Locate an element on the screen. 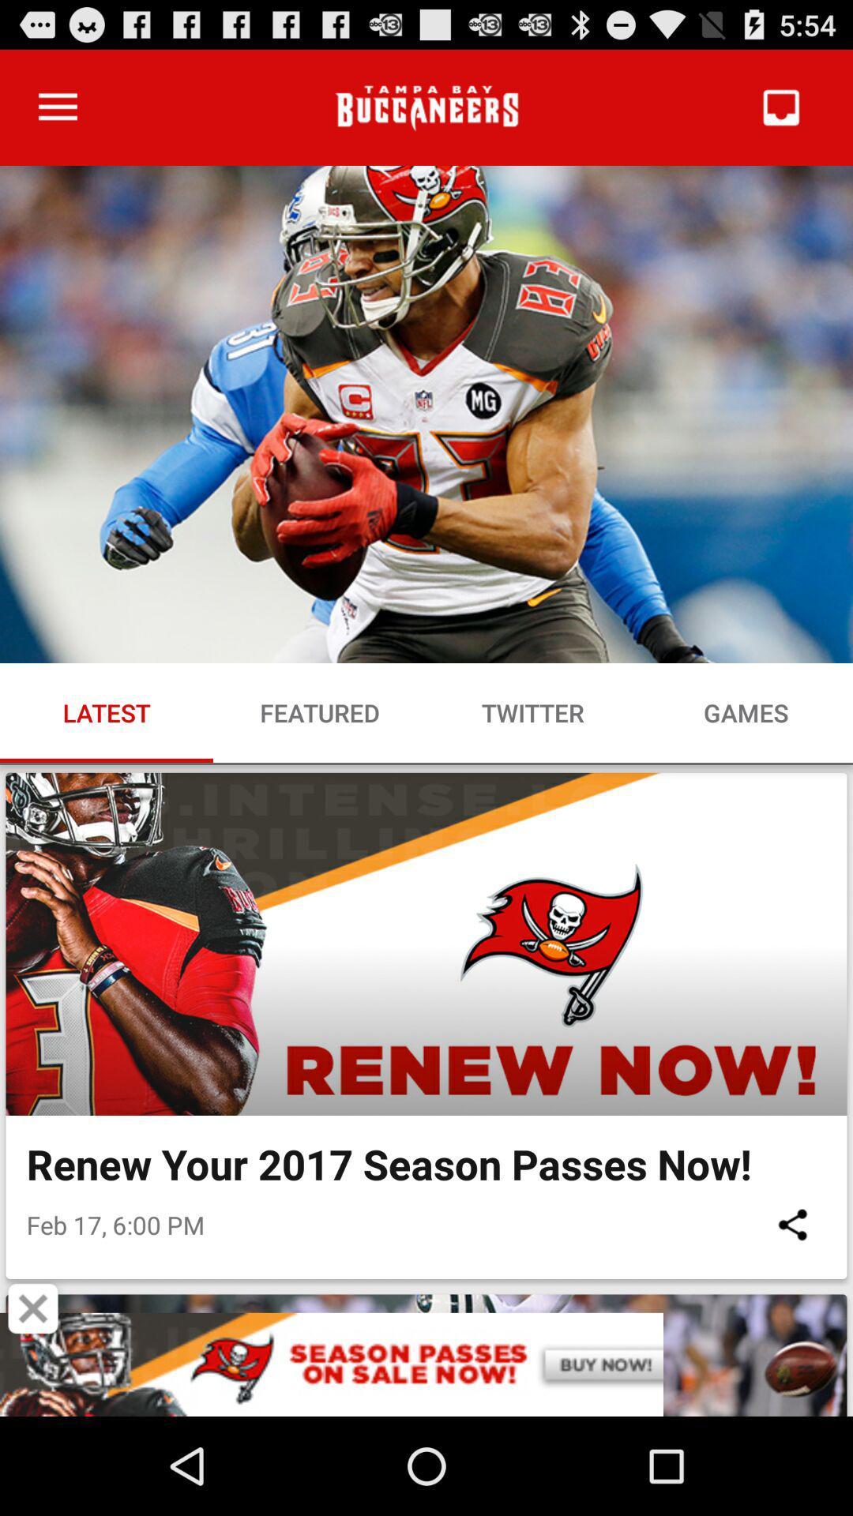  the icon next to the feb 17 6 is located at coordinates (792, 1224).